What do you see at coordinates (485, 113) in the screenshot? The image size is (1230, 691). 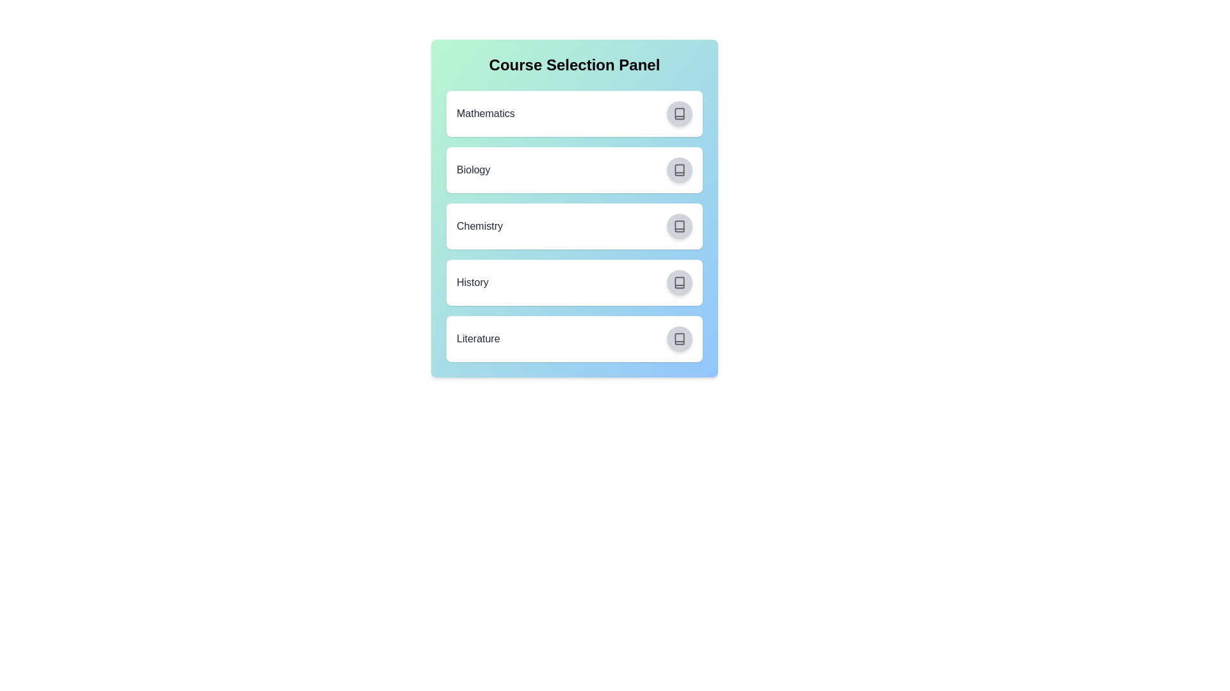 I see `the course name Mathematics to highlight or copy it` at bounding box center [485, 113].